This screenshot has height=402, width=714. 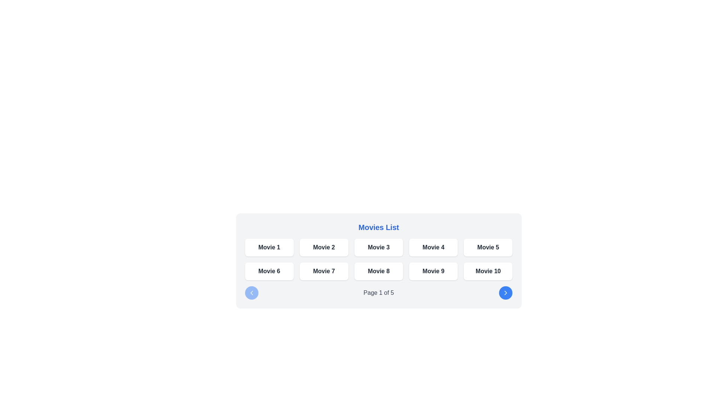 I want to click on the button labeled 'Movie 9' which is a rectangular UI component with a white background and bold dark gray text, located in the second row of the grid layout, so click(x=433, y=271).